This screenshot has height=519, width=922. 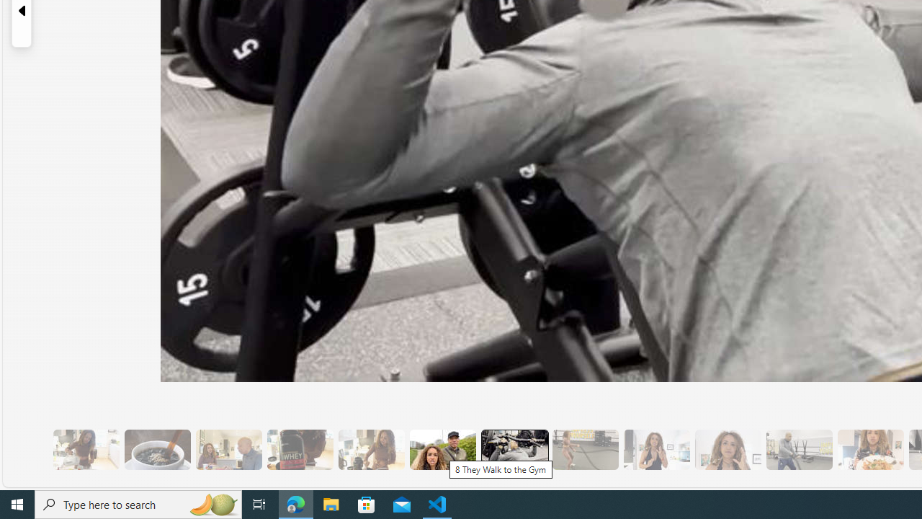 I want to click on '6 Since Eating More Protein Her Training Has Improved', so click(x=299, y=449).